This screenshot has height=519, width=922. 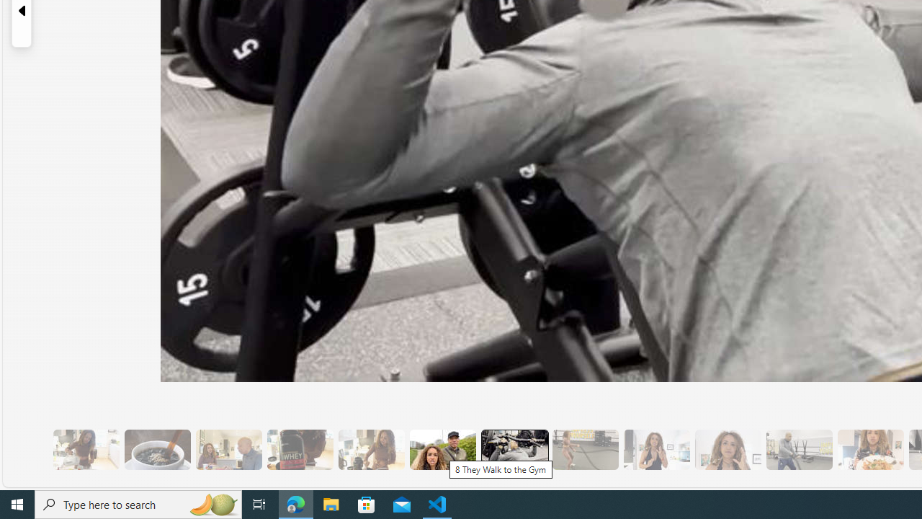 I want to click on '6 Since Eating More Protein Her Training Has Improved', so click(x=299, y=449).